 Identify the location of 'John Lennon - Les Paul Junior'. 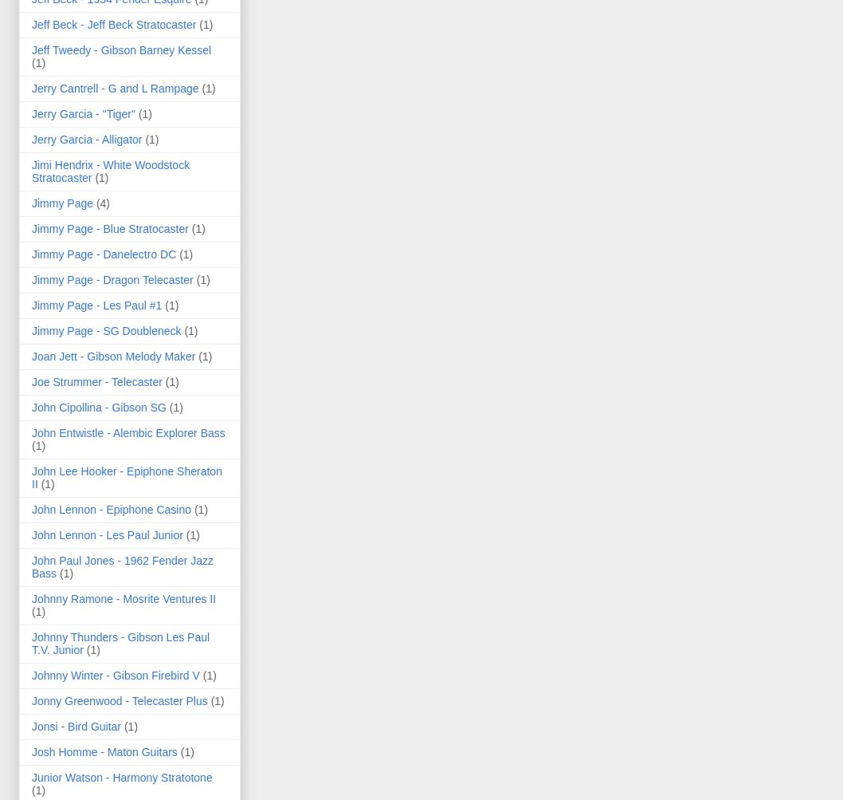
(106, 534).